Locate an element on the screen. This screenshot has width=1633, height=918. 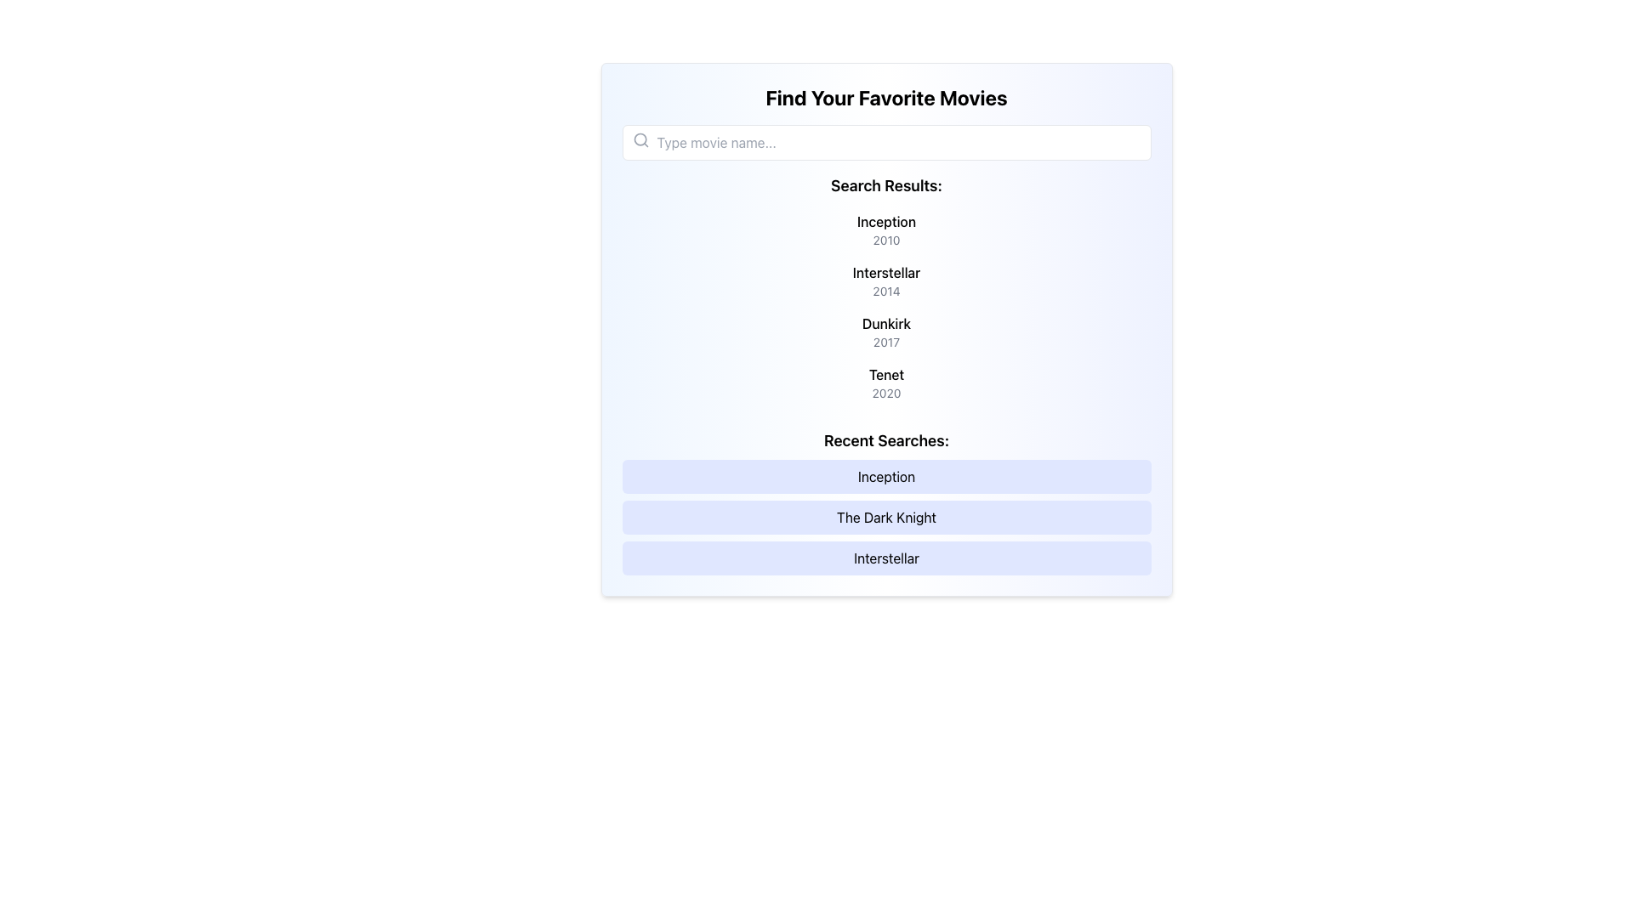
the static text label displaying the release year of the movie 'Inception', which is located below the movie title in the search results section is located at coordinates (885, 240).